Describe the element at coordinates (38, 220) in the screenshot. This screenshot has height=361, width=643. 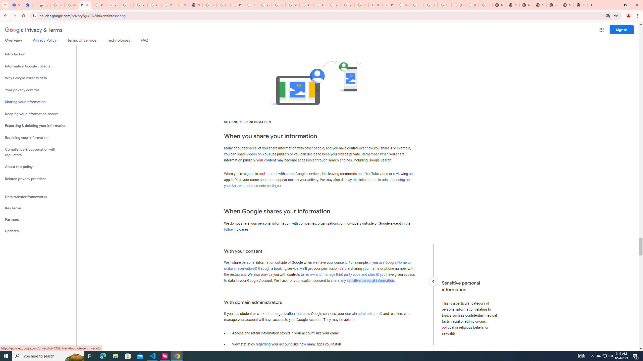
I see `'Partners'` at that location.